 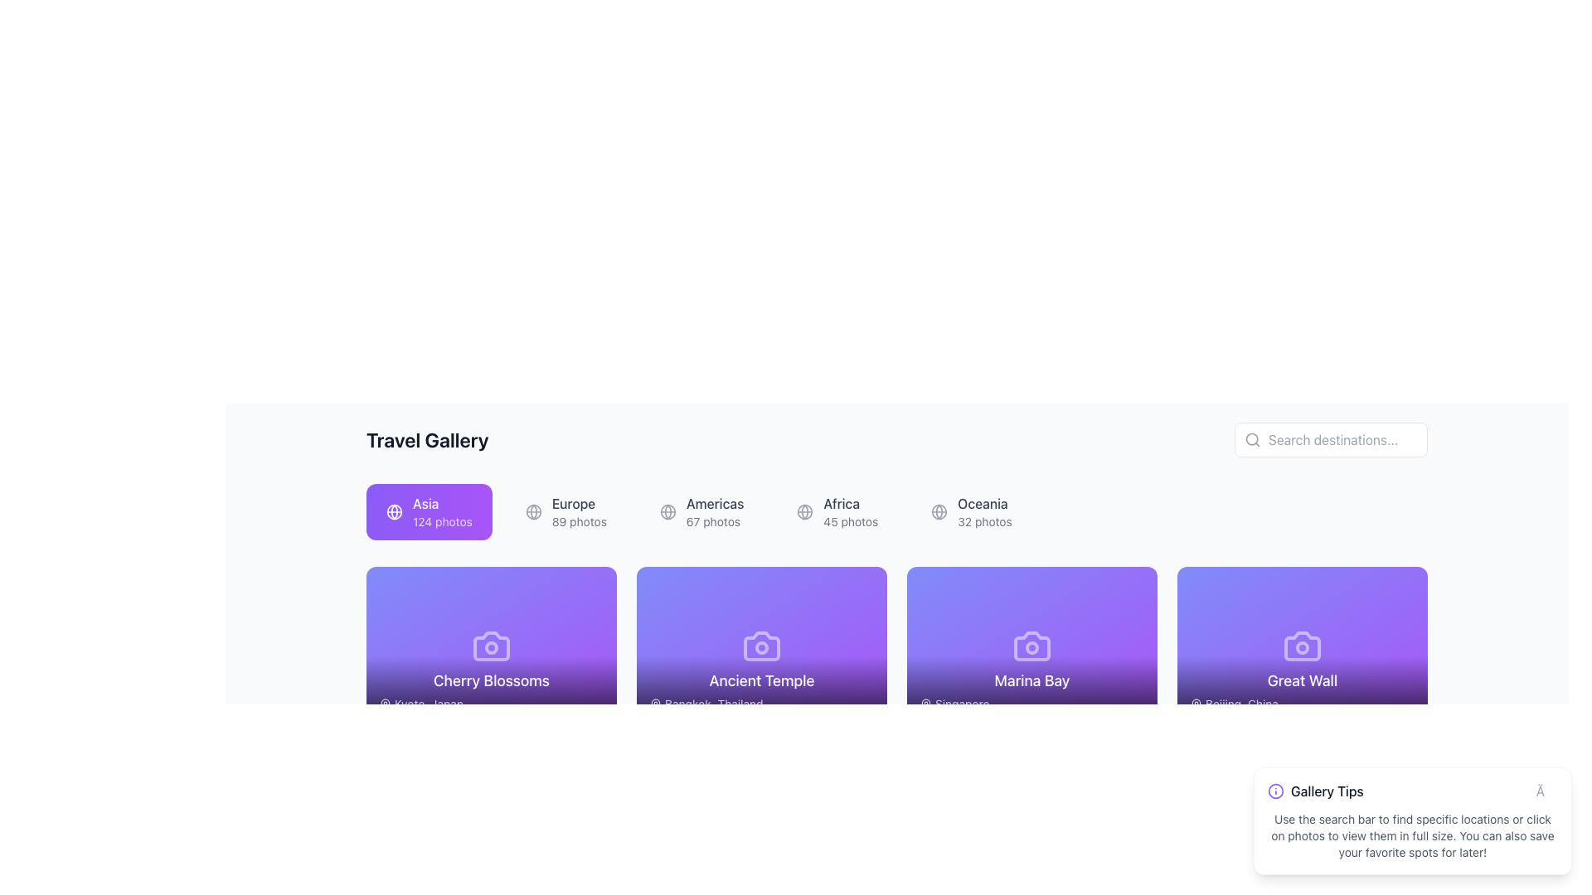 I want to click on the interactive actions panel located in the top-right corner of the 'Ancient Temple' card, so click(x=824, y=593).